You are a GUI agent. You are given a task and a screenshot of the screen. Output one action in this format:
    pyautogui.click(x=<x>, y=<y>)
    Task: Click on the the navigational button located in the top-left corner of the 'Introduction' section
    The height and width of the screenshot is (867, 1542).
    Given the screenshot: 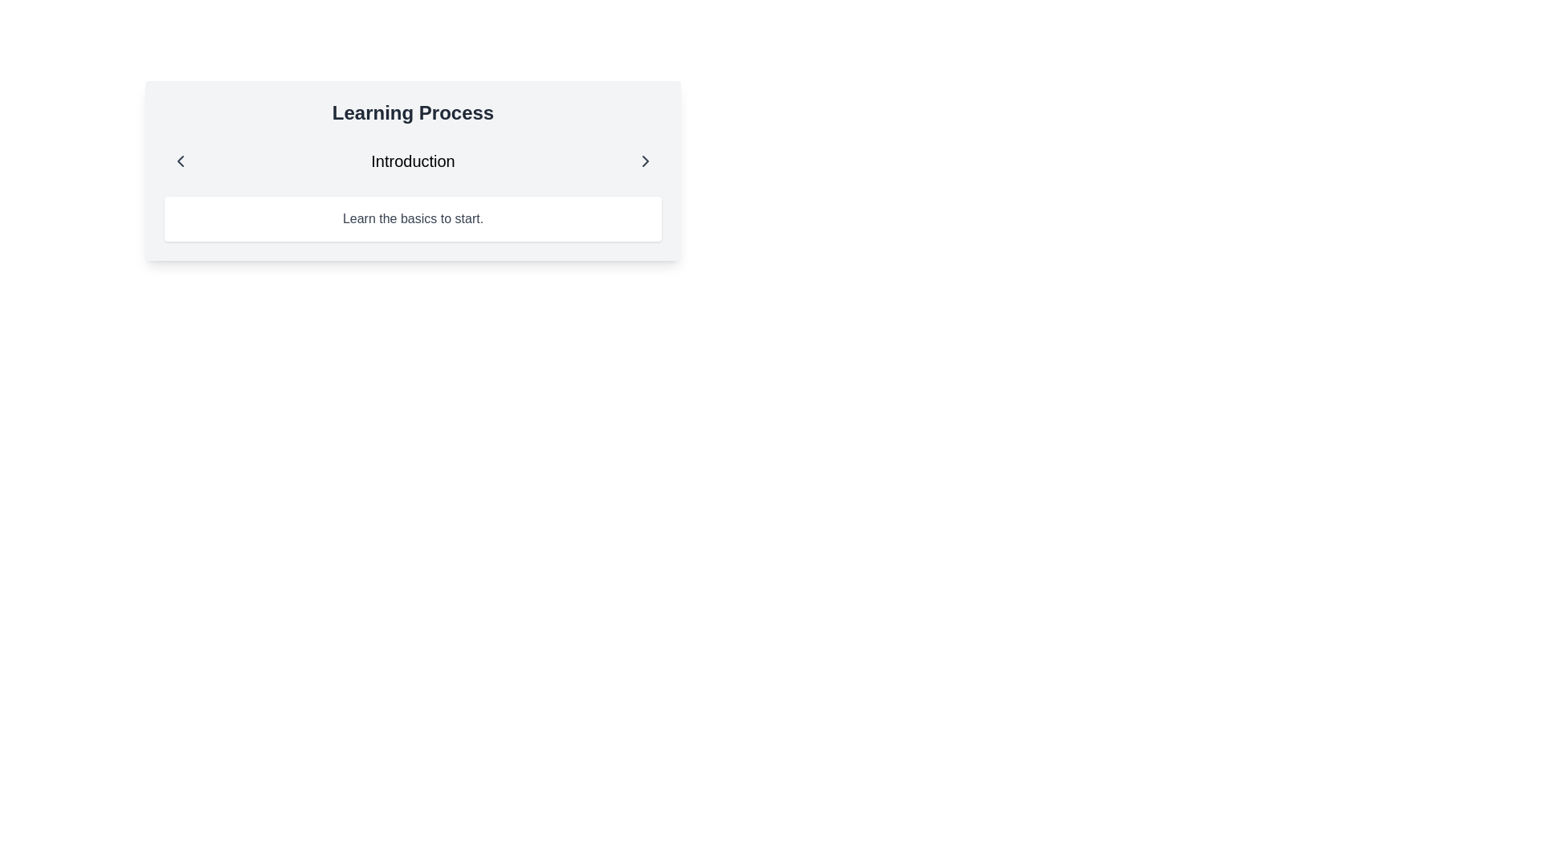 What is the action you would take?
    pyautogui.click(x=181, y=161)
    